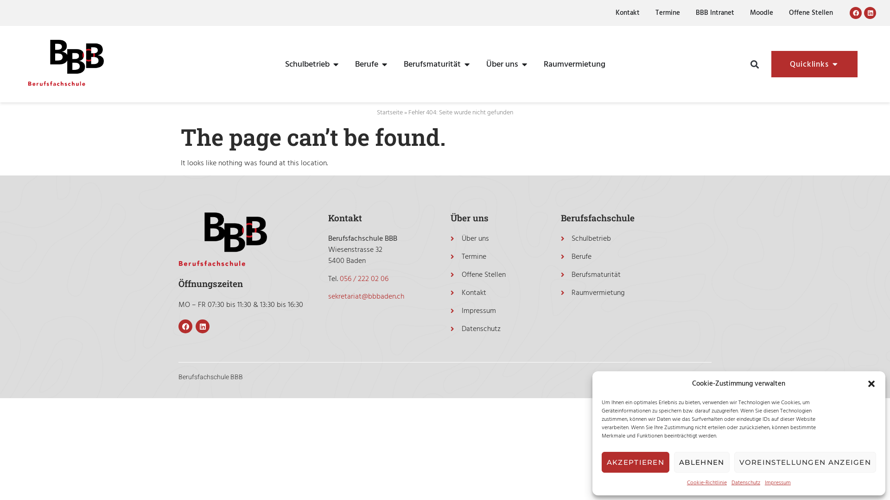 This screenshot has height=500, width=890. What do you see at coordinates (505, 328) in the screenshot?
I see `'Datenschutz'` at bounding box center [505, 328].